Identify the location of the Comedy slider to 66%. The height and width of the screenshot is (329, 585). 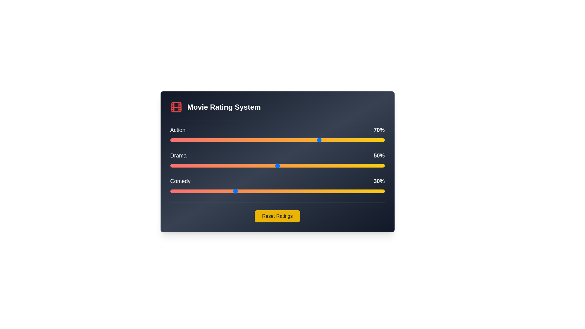
(312, 191).